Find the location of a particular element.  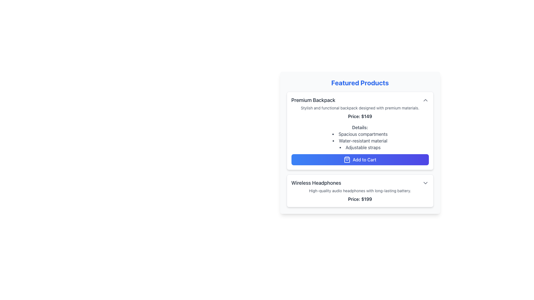

the 'Add to Cart' button, which is a horizontally elongated button with a gradient background from blue to purple, featuring a shopping bag icon and centered white text is located at coordinates (360, 159).